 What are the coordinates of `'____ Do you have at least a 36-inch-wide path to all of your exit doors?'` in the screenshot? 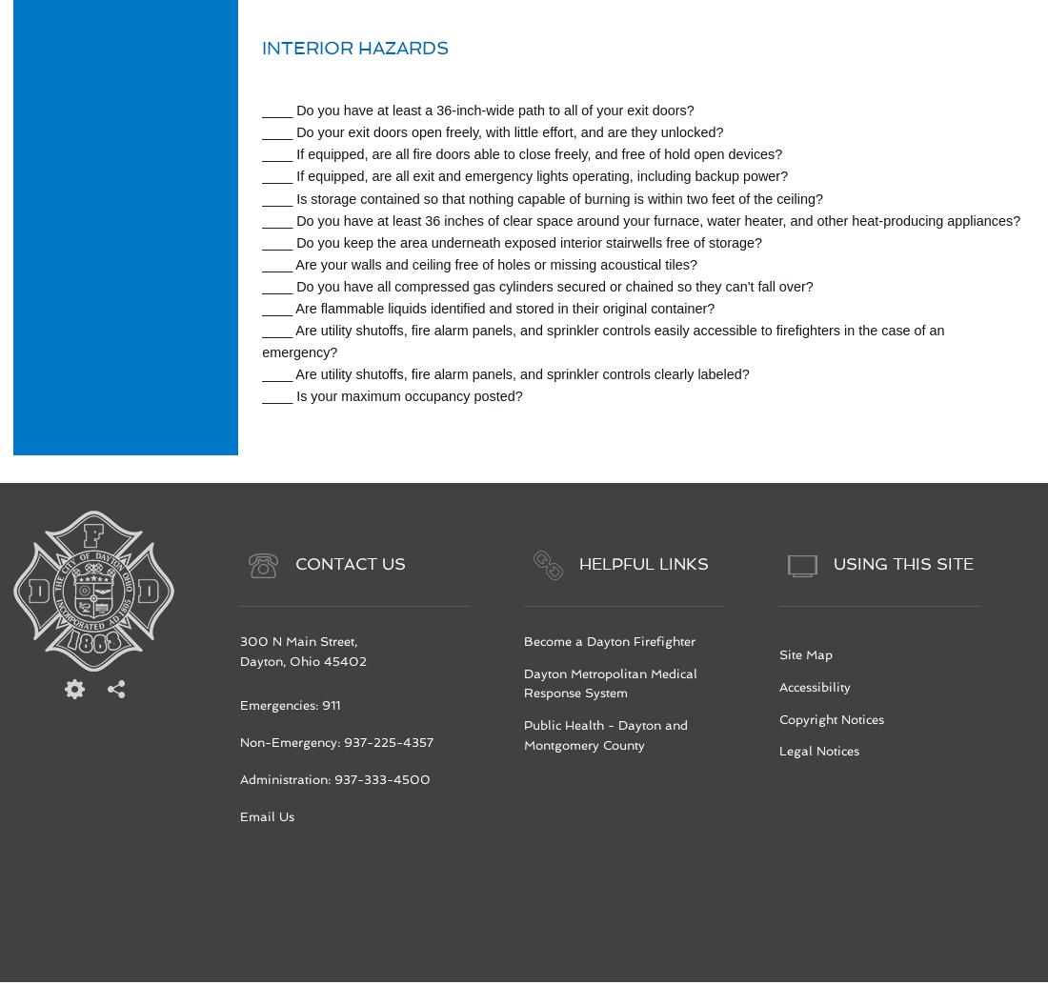 It's located at (477, 111).